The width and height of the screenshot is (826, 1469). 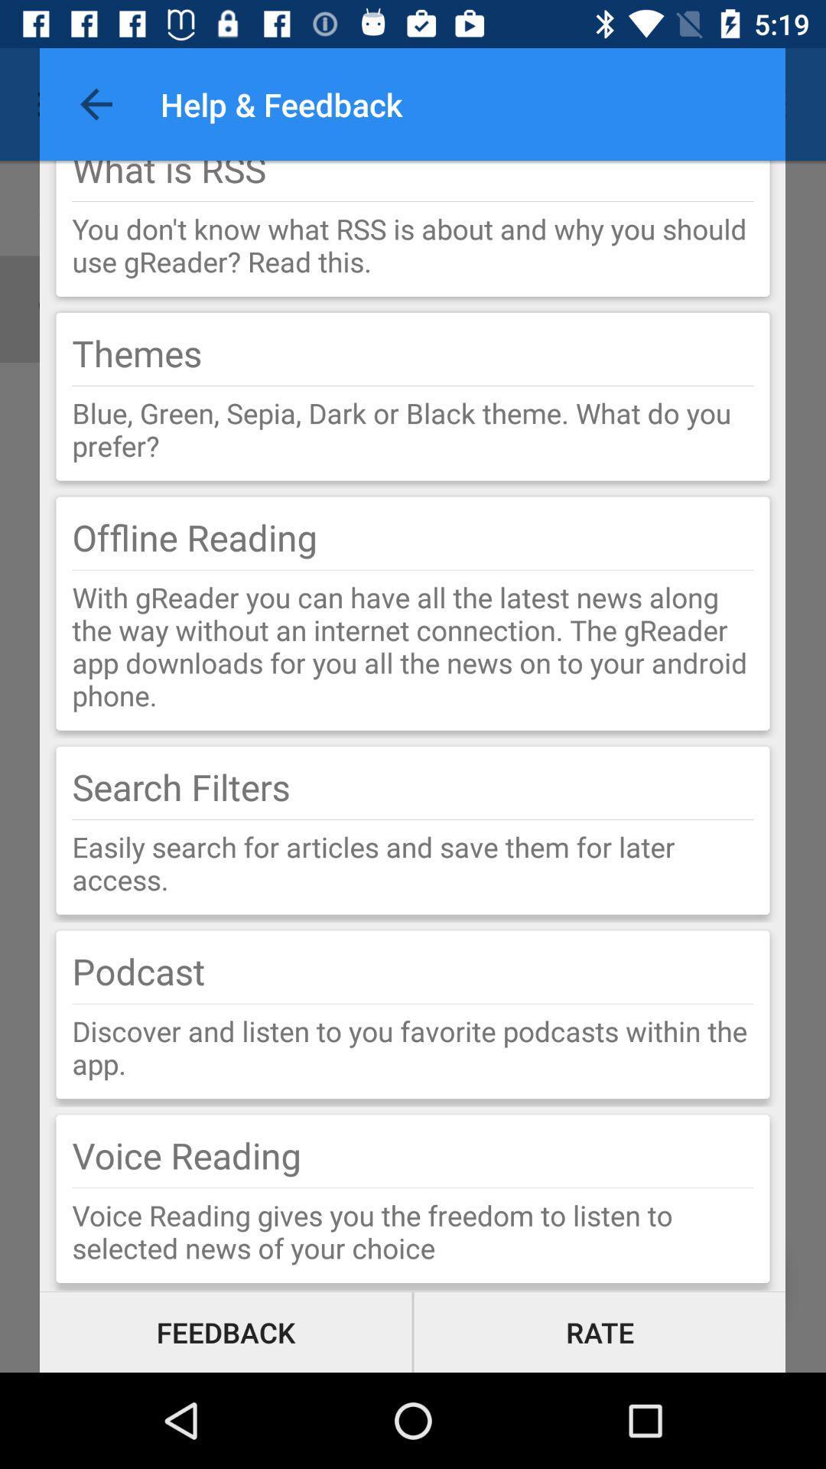 What do you see at coordinates (413, 819) in the screenshot?
I see `the item above easily search for icon` at bounding box center [413, 819].